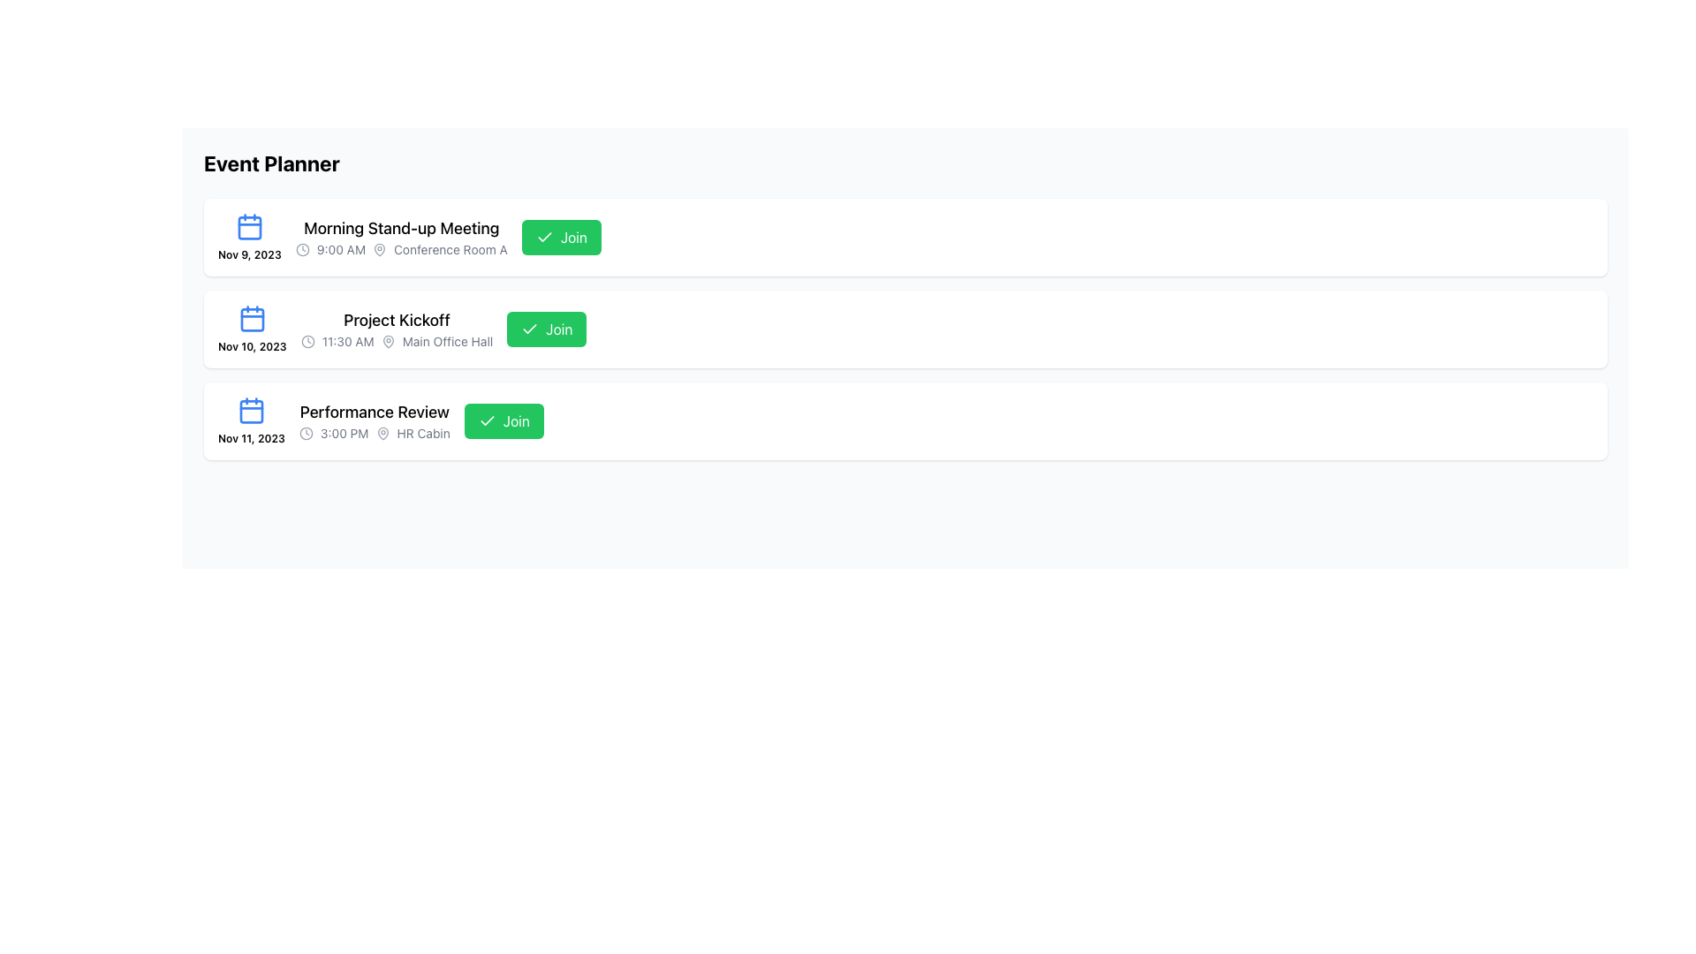 This screenshot has width=1696, height=954. Describe the element at coordinates (302, 249) in the screenshot. I see `the circular outline of the clock icon that represents the primary background of the clock, located next to the time text '9:00 AM' in the 'Morning Stand-up Meeting' entry` at that location.